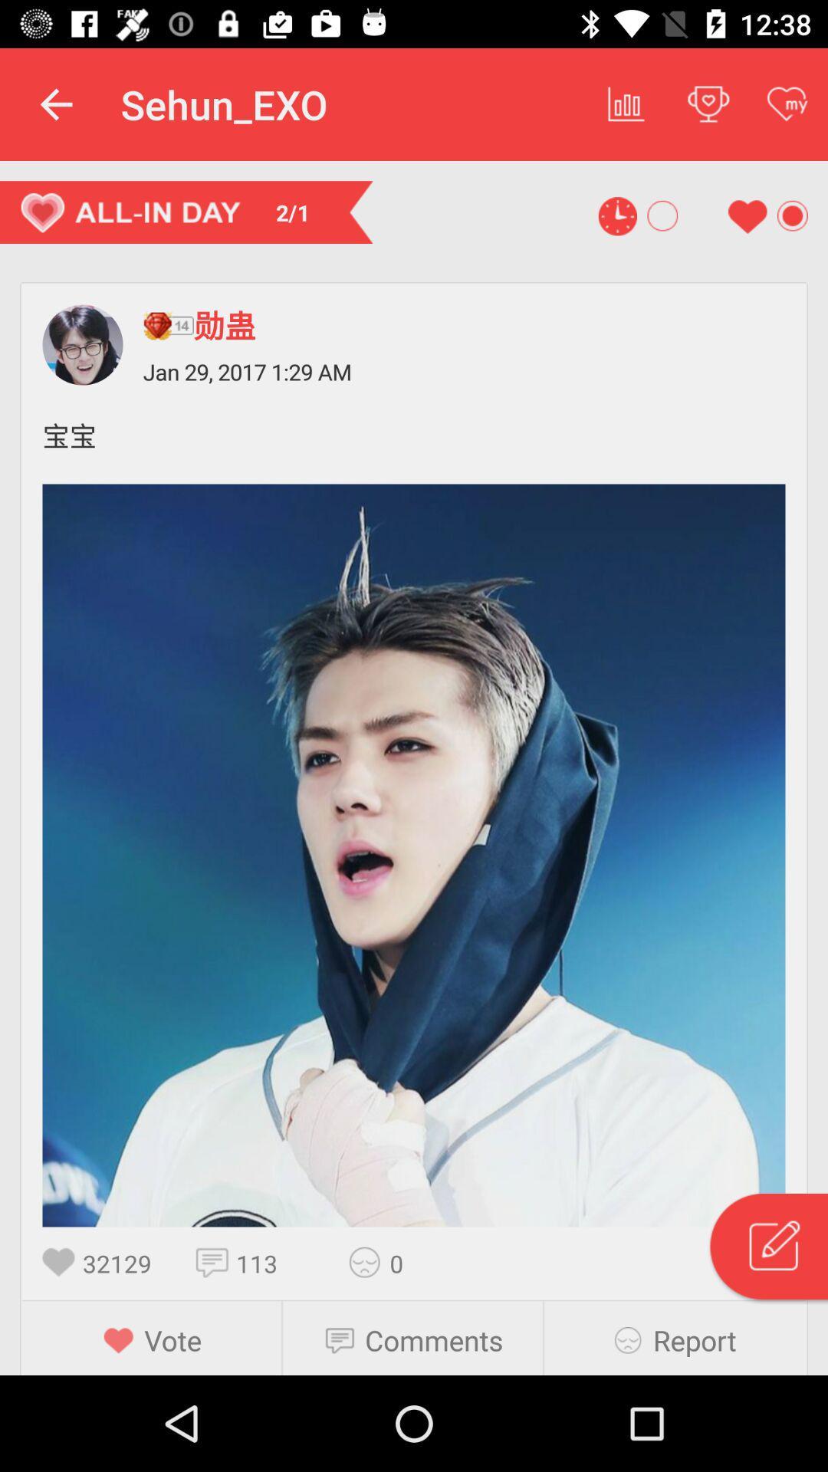  I want to click on previous, so click(414, 855).